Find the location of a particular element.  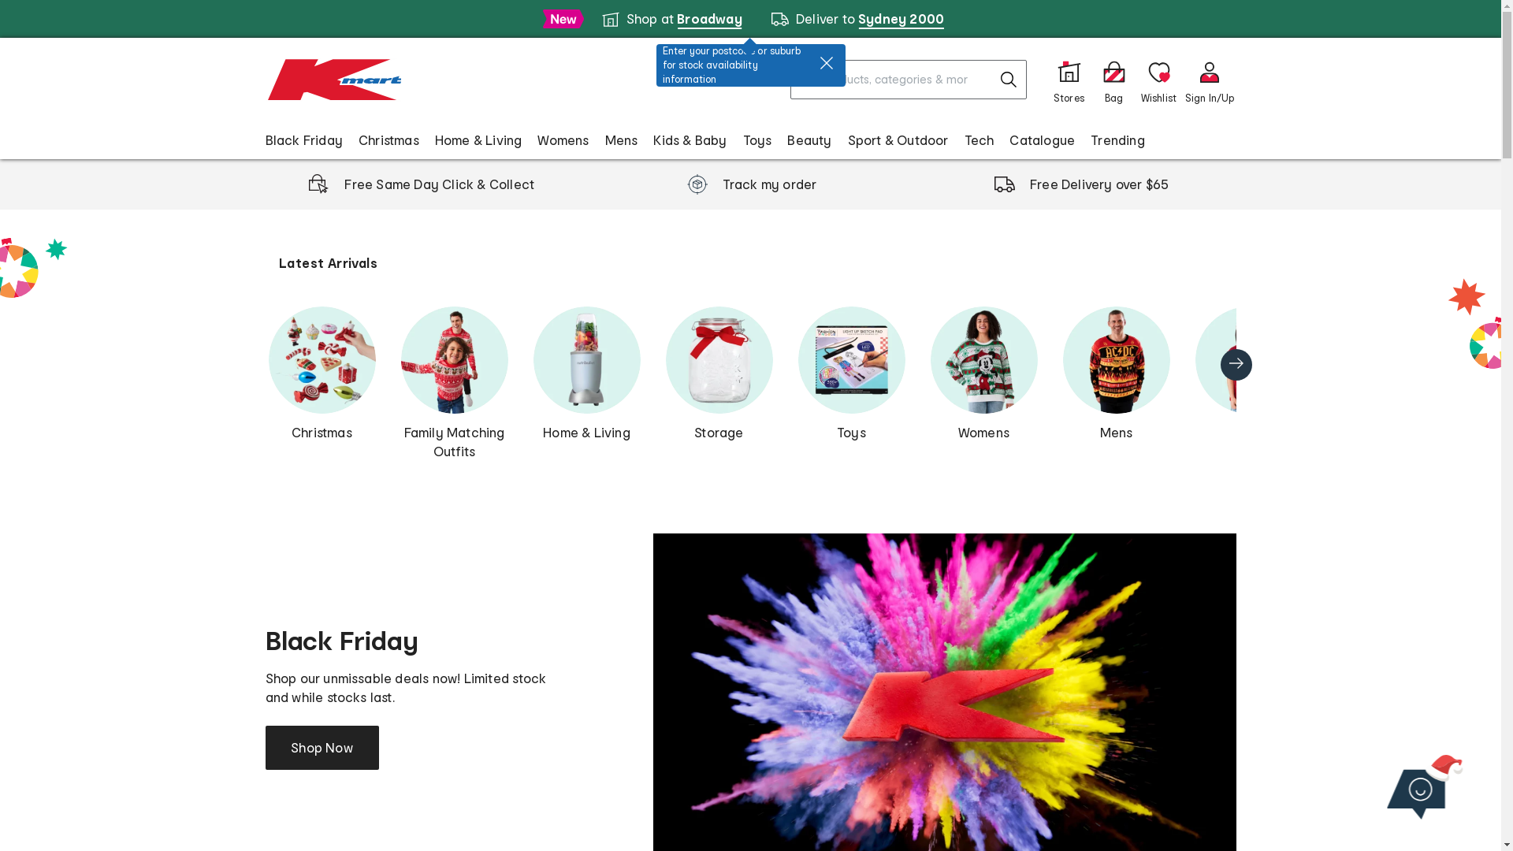

'Mens' is located at coordinates (620, 139).